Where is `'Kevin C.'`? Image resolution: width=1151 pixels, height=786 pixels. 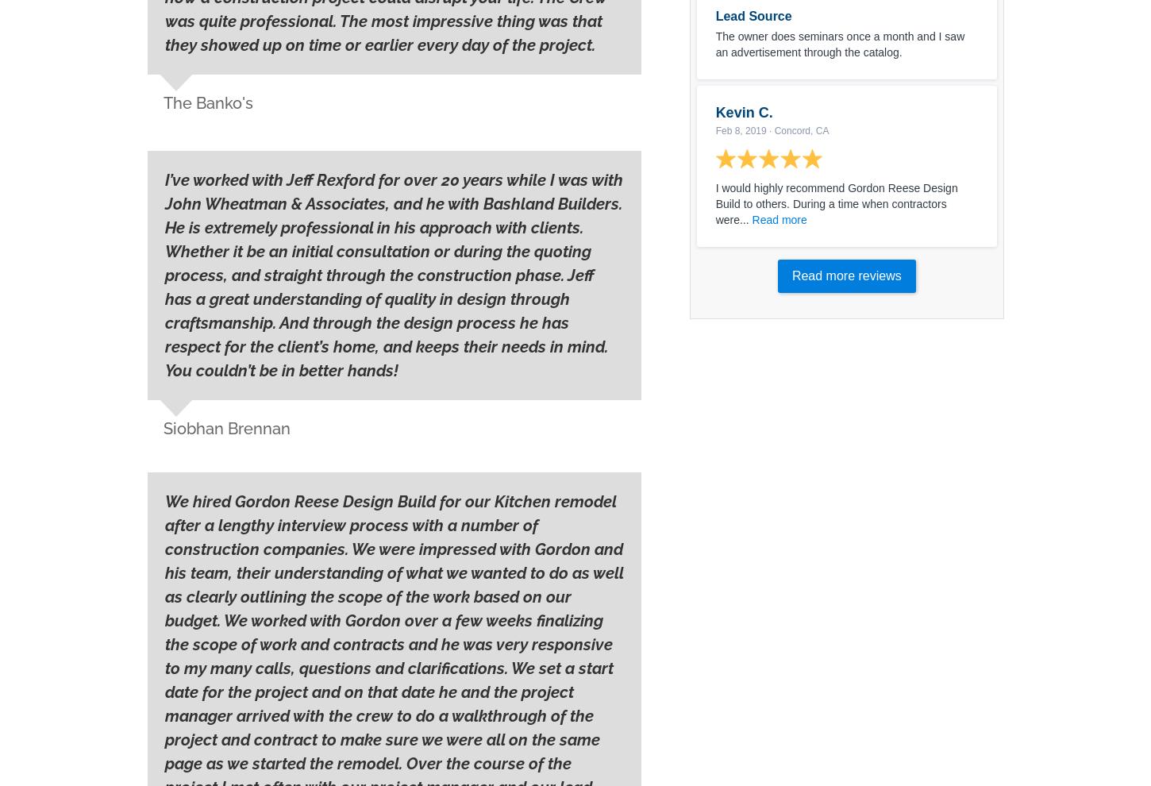 'Kevin C.' is located at coordinates (714, 111).